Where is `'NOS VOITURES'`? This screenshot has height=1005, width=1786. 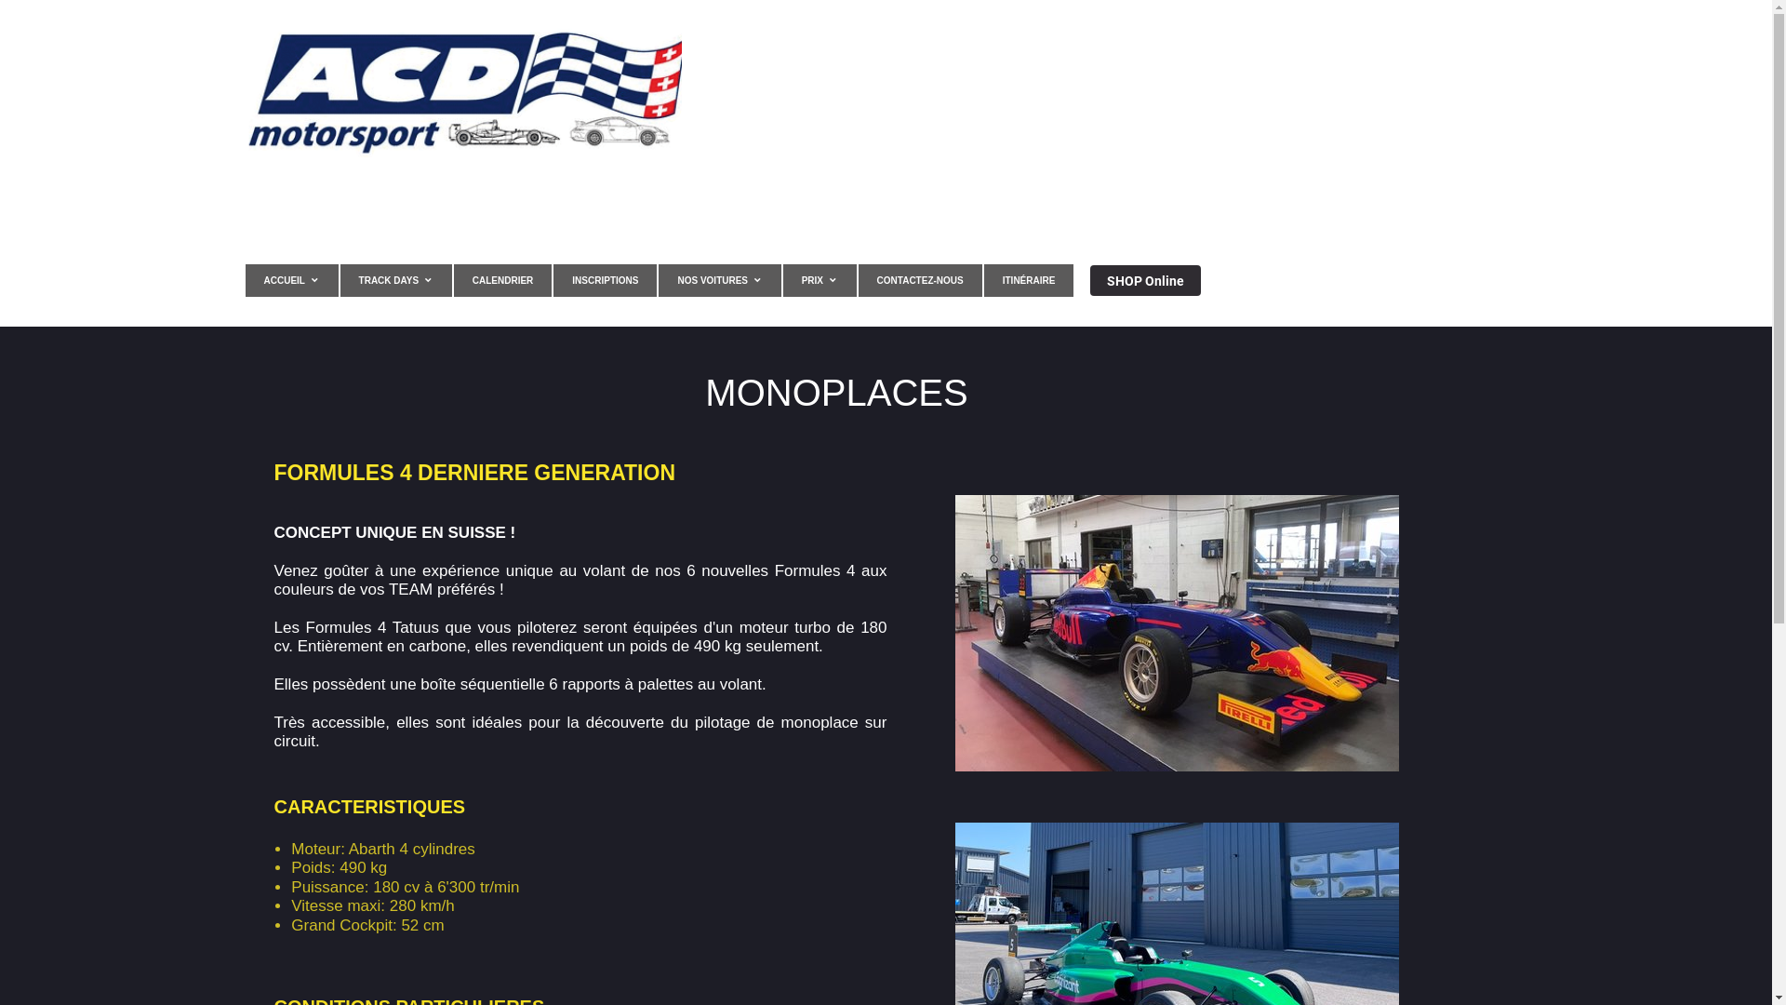 'NOS VOITURES' is located at coordinates (659, 280).